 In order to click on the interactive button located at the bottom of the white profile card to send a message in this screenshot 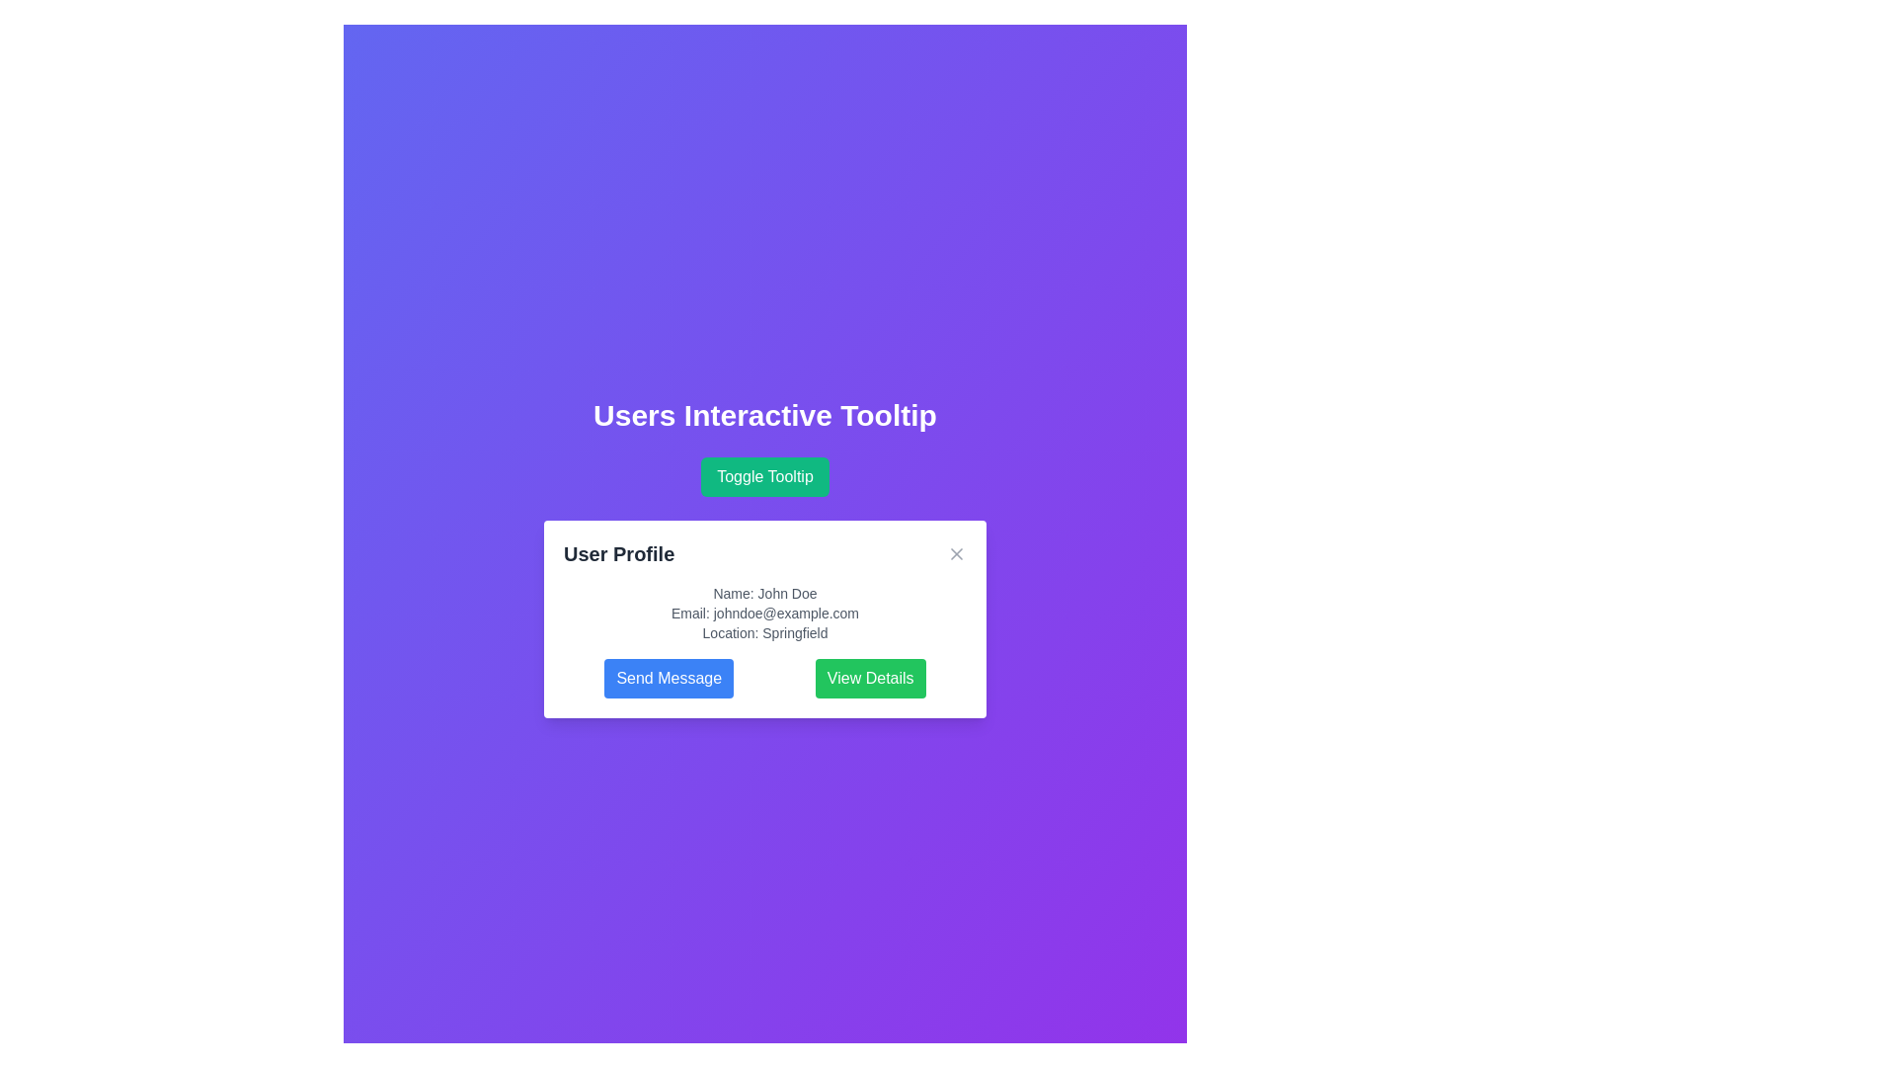, I will do `click(669, 677)`.